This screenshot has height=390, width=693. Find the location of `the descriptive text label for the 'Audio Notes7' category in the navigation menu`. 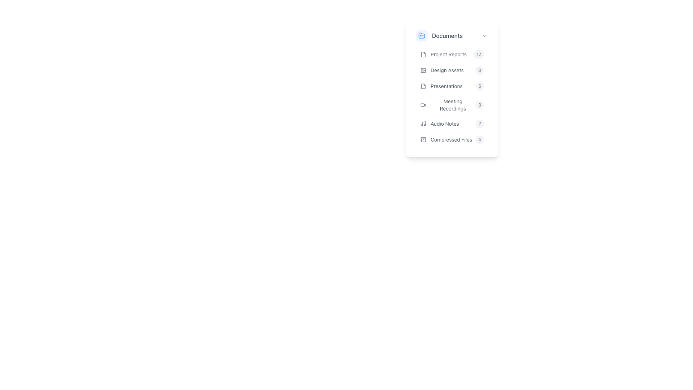

the descriptive text label for the 'Audio Notes7' category in the navigation menu is located at coordinates (444, 123).